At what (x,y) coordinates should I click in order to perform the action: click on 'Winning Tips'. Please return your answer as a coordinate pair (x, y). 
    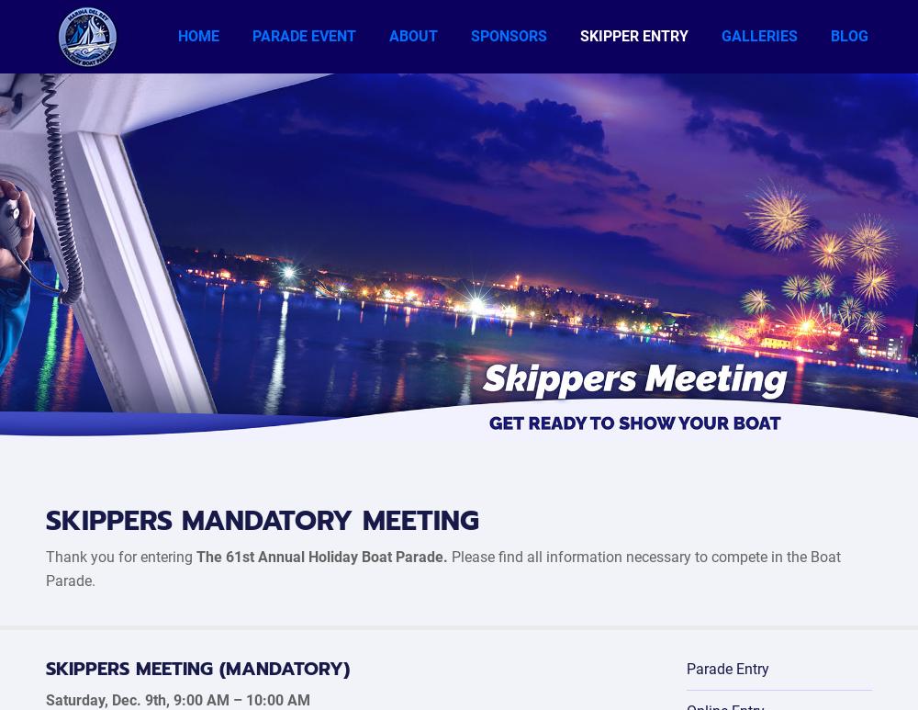
    Looking at the image, I should click on (615, 342).